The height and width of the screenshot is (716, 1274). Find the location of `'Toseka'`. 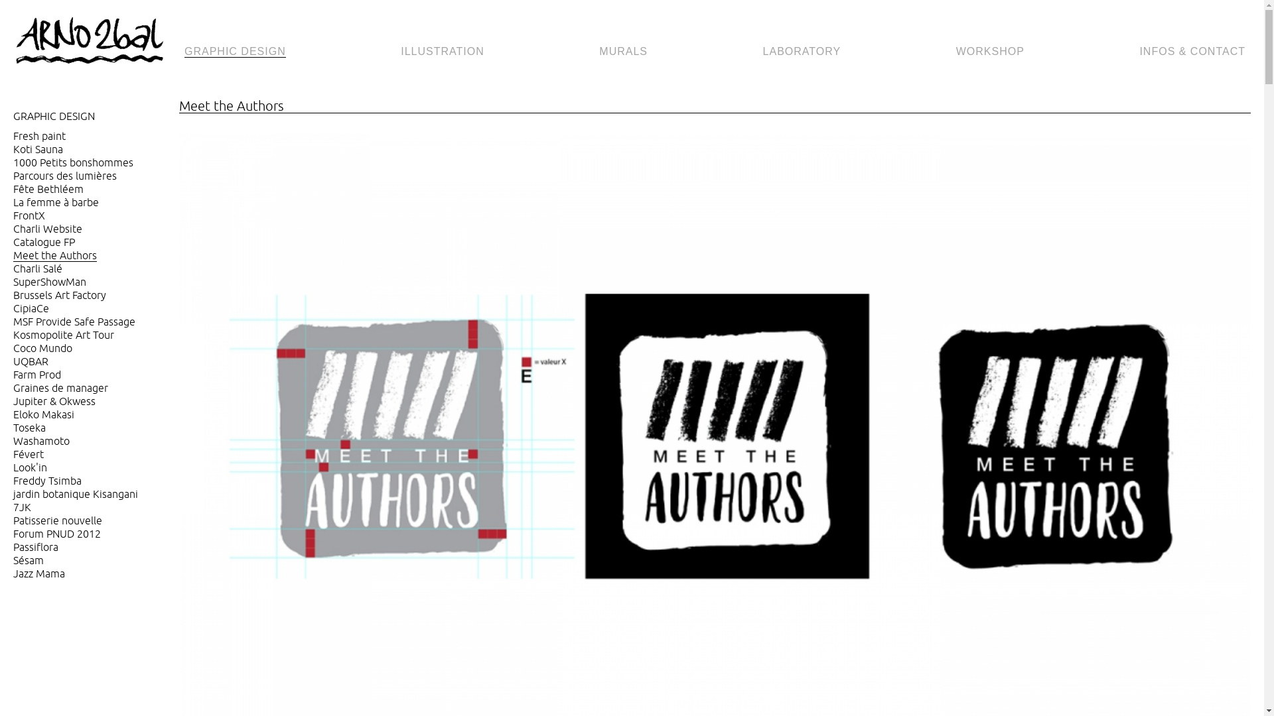

'Toseka' is located at coordinates (29, 428).